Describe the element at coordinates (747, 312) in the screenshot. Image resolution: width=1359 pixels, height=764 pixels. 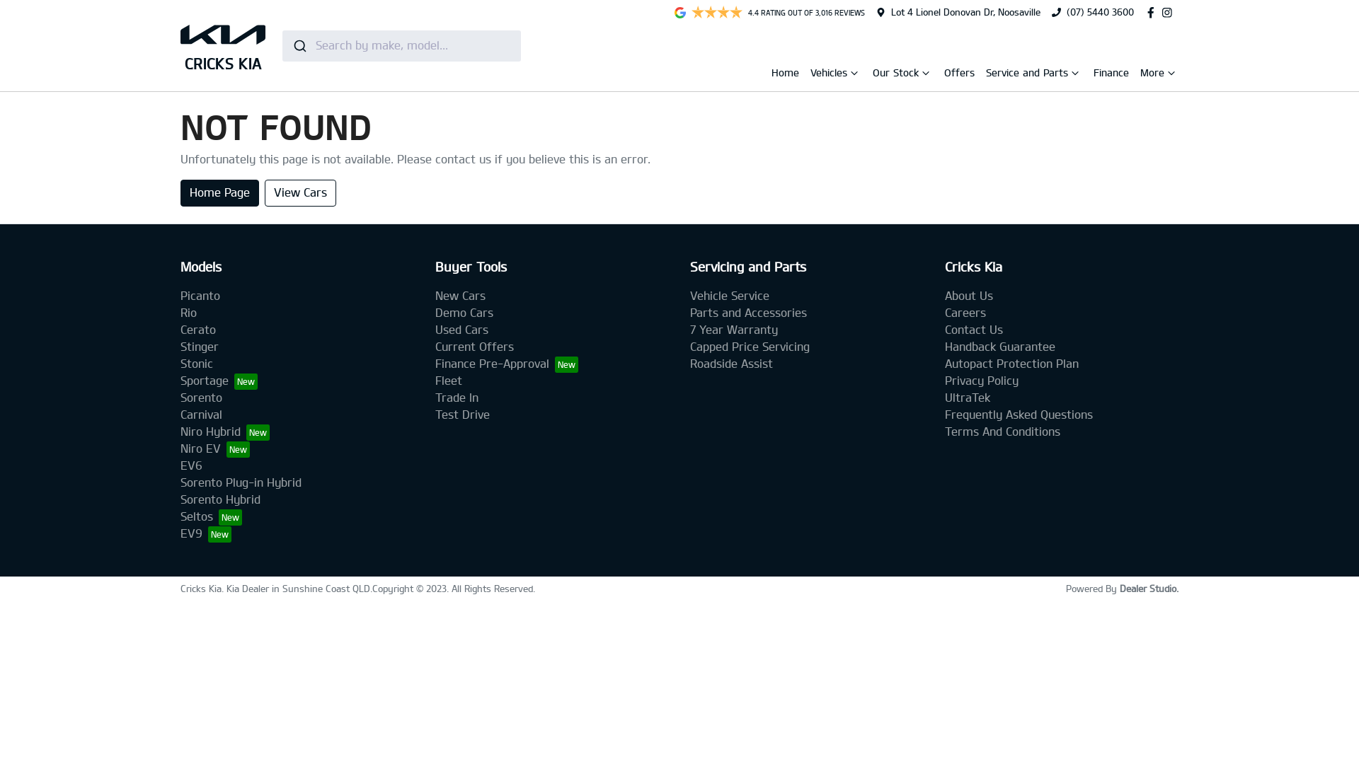
I see `'Parts and Accessories'` at that location.